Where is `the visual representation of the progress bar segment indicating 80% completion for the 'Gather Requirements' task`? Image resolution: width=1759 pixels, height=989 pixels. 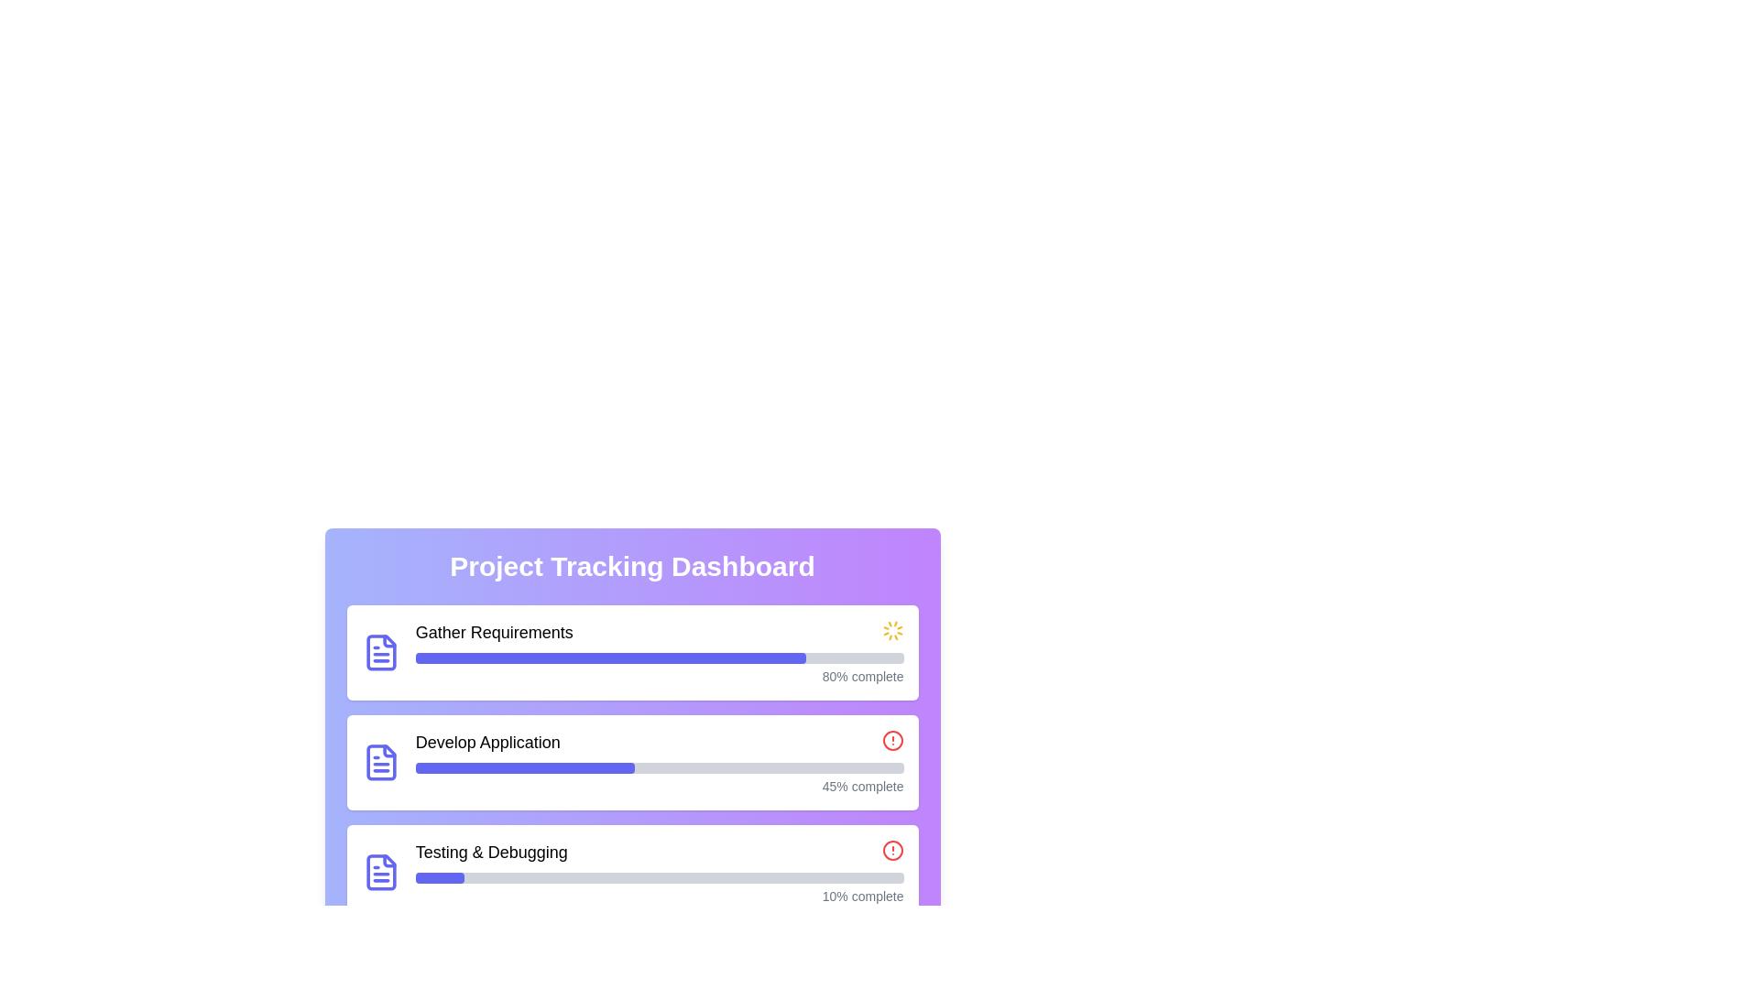 the visual representation of the progress bar segment indicating 80% completion for the 'Gather Requirements' task is located at coordinates (610, 657).